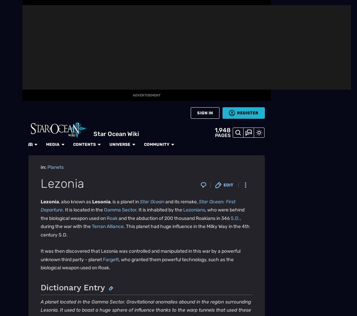 This screenshot has height=316, width=357. Describe the element at coordinates (11, 22) in the screenshot. I see `'FANDOM'` at that location.